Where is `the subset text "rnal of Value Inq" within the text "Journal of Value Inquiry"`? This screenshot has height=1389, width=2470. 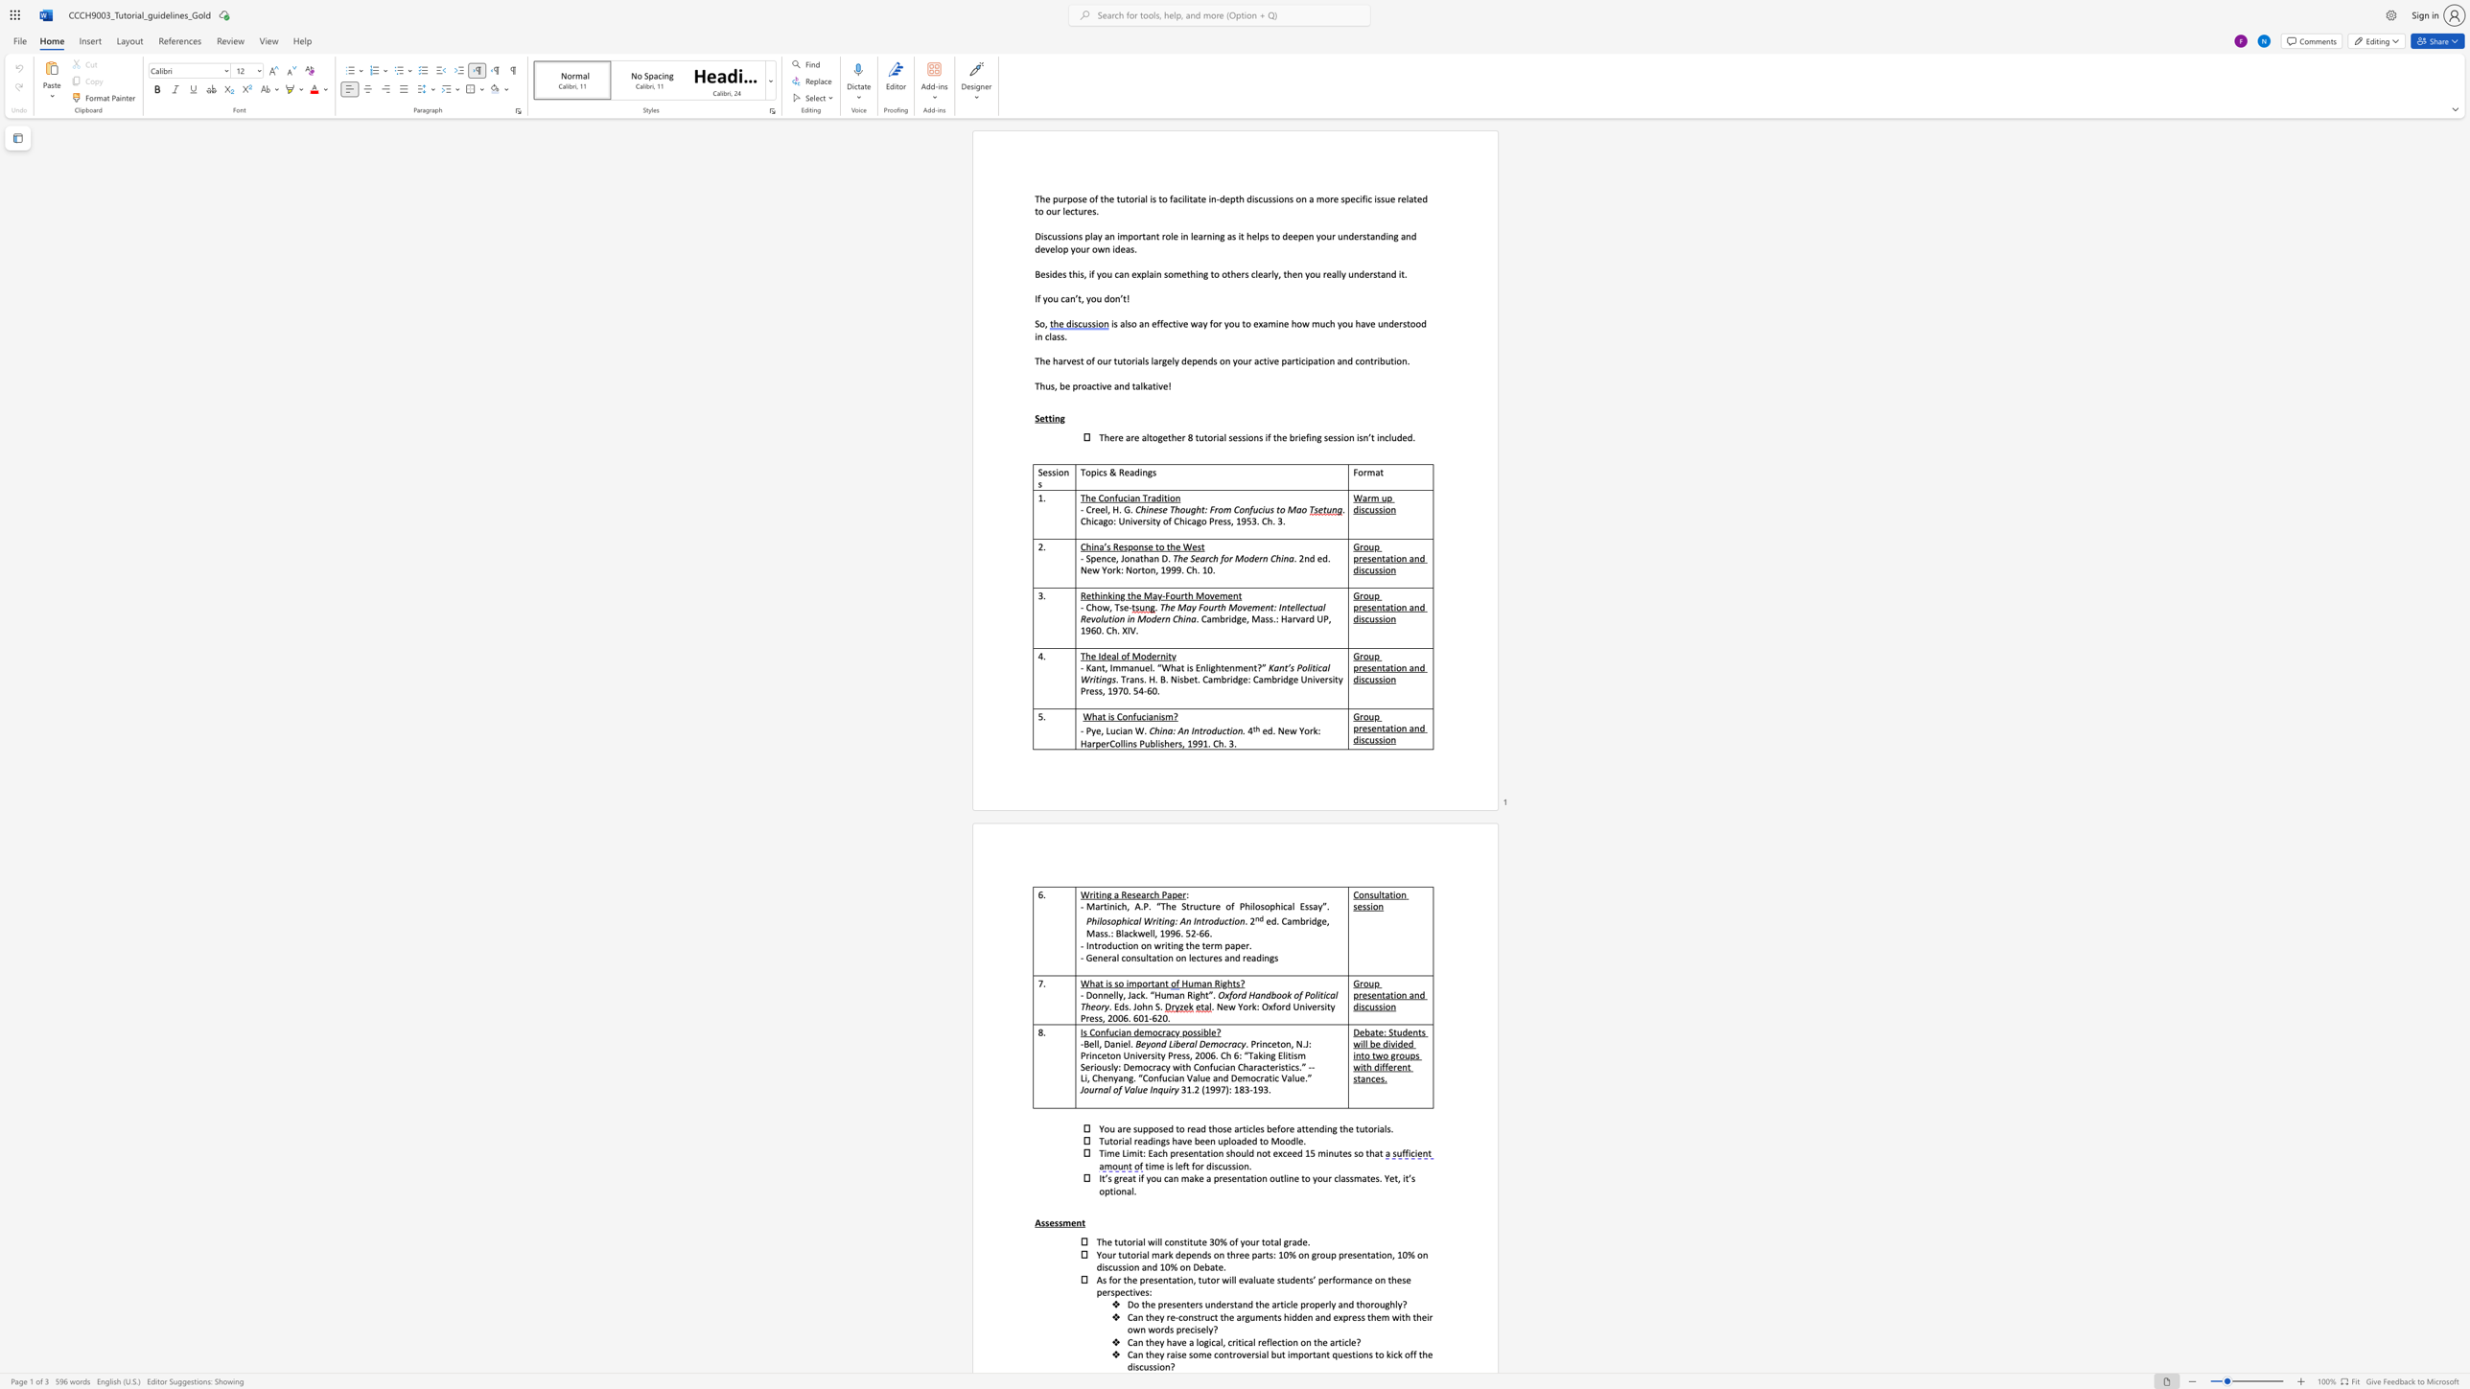 the subset text "rnal of Value Inq" within the text "Journal of Value Inquiry" is located at coordinates (1093, 1089).